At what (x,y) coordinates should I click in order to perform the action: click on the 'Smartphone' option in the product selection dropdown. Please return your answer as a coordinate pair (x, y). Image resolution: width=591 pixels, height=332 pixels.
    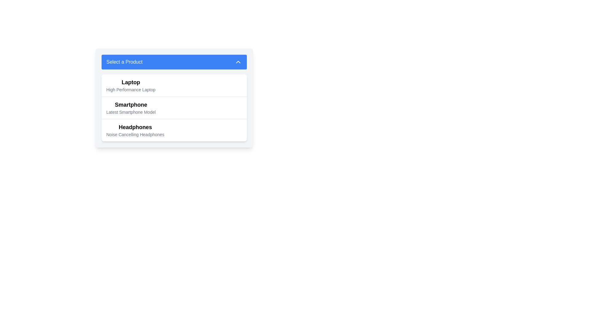
    Looking at the image, I should click on (131, 104).